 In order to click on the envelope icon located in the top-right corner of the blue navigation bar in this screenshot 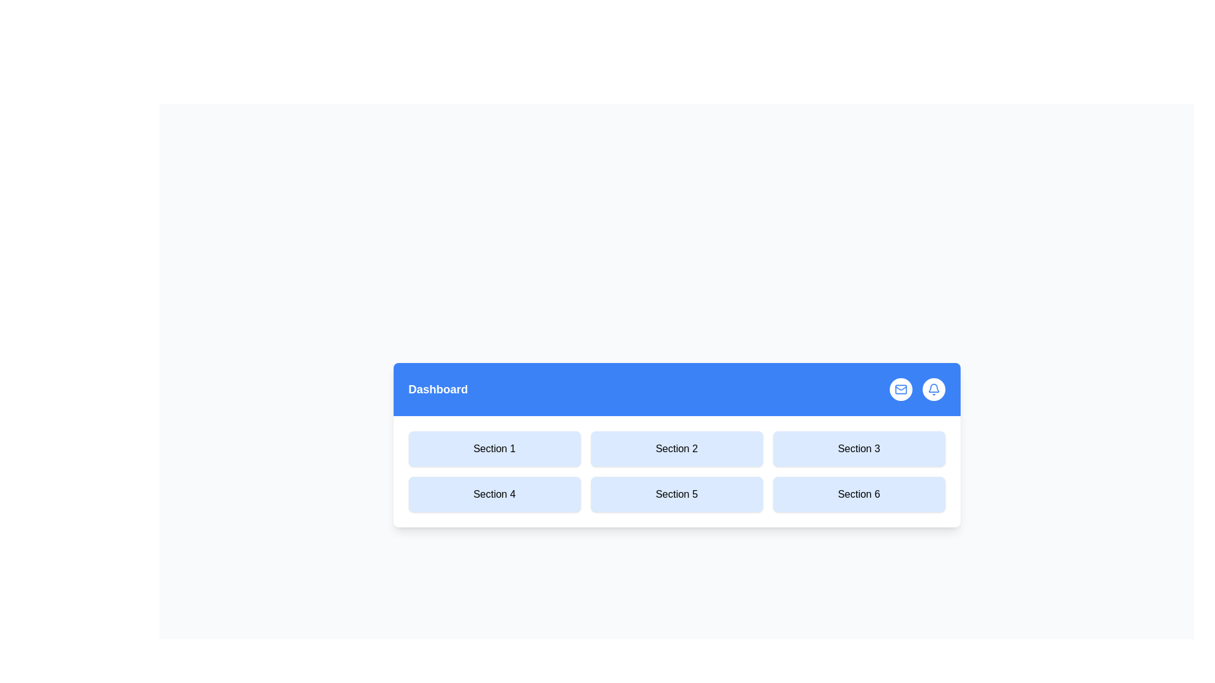, I will do `click(900, 389)`.